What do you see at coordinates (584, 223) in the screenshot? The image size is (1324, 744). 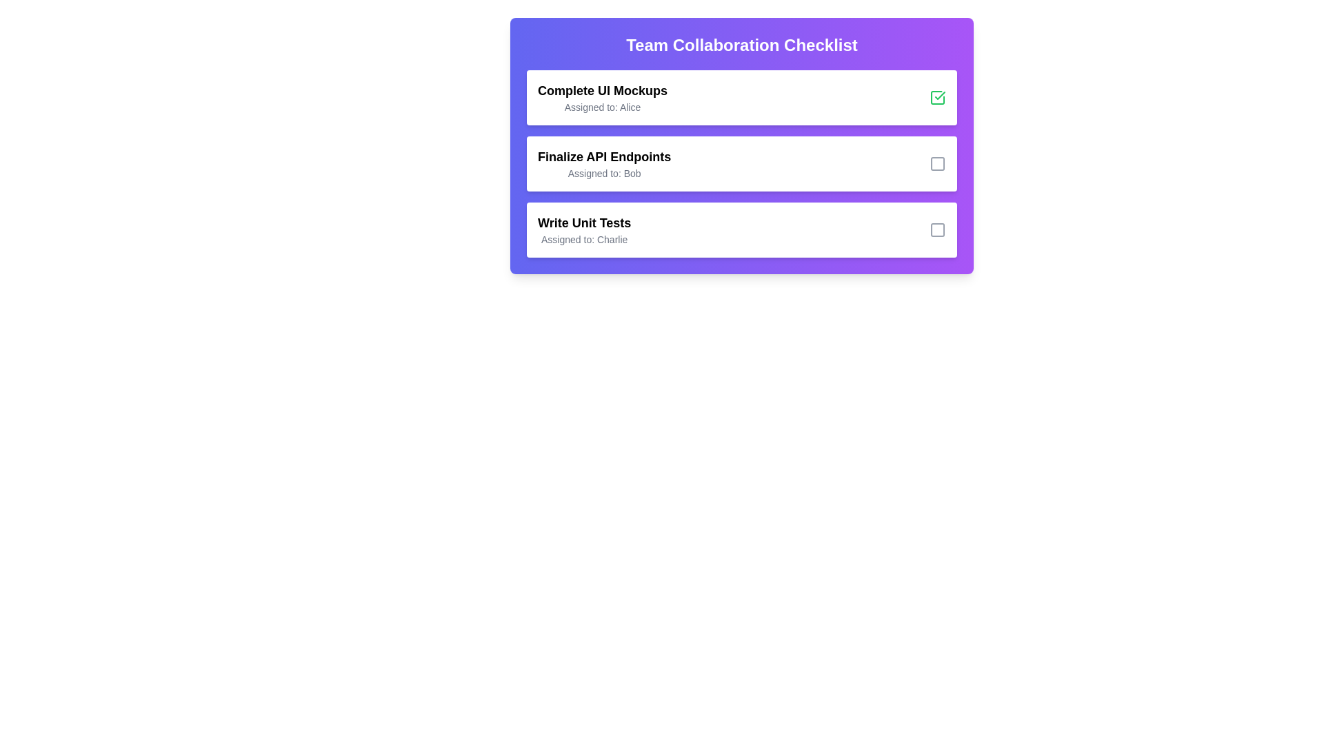 I see `the title text element in the third row of the 'Team Collaboration Checklist', which provides a summary of the task above the subtext 'Assigned to: Charlie'` at bounding box center [584, 223].